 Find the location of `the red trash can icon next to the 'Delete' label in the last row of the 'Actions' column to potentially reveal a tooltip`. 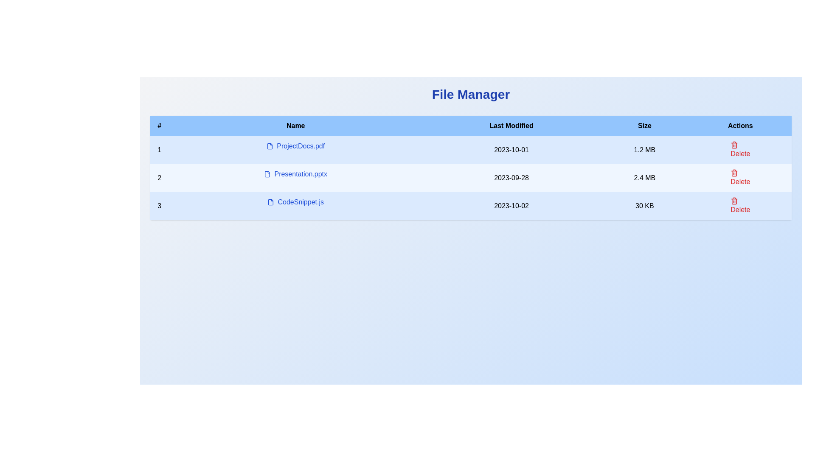

the red trash can icon next to the 'Delete' label in the last row of the 'Actions' column to potentially reveal a tooltip is located at coordinates (734, 201).